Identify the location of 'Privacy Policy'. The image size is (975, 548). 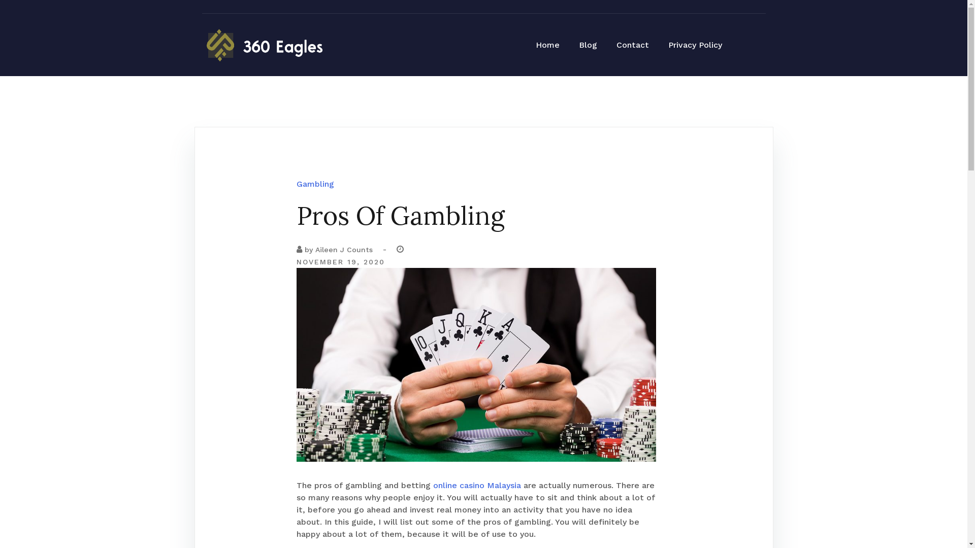
(694, 46).